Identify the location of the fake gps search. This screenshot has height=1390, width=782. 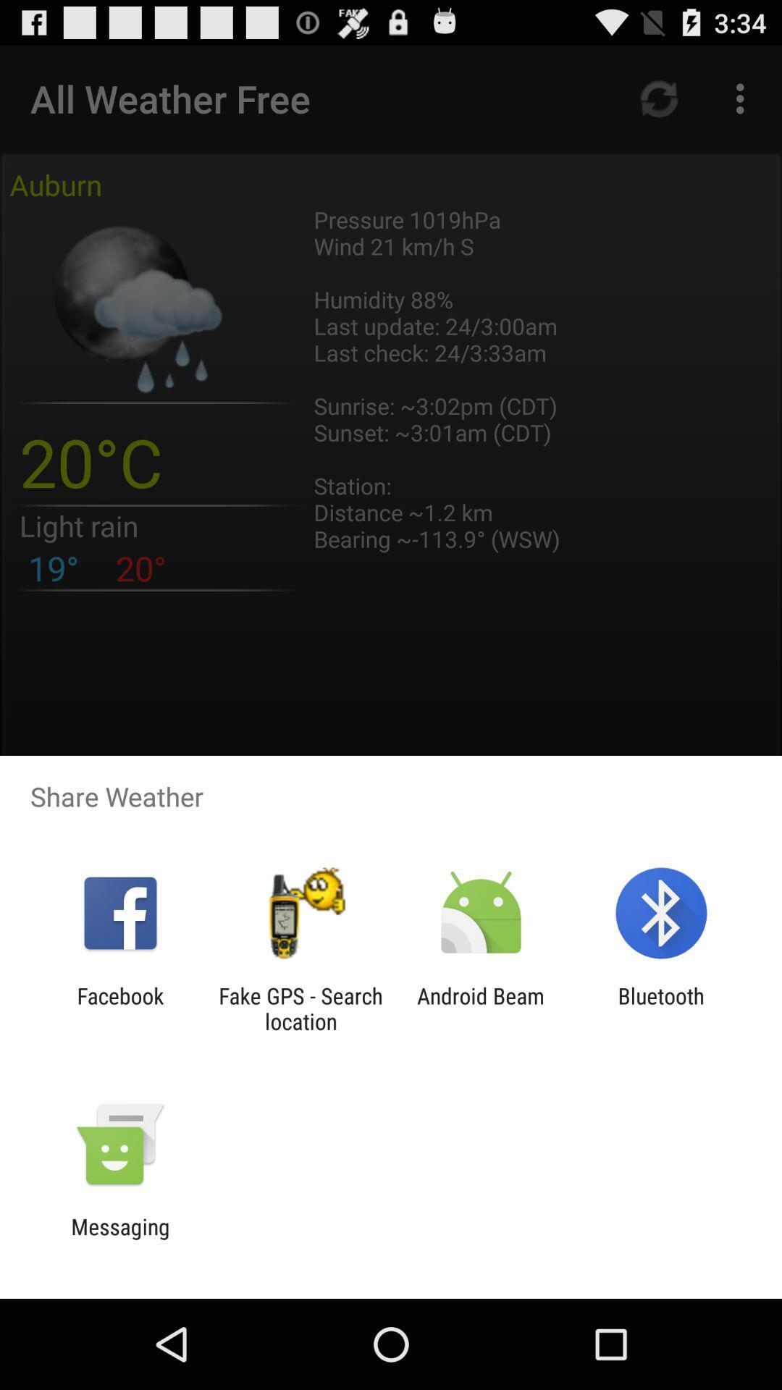
(300, 1008).